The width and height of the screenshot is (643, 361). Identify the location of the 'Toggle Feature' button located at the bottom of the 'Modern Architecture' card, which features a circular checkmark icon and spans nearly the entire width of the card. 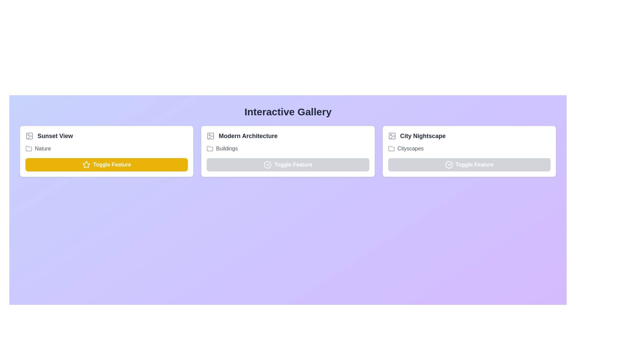
(288, 165).